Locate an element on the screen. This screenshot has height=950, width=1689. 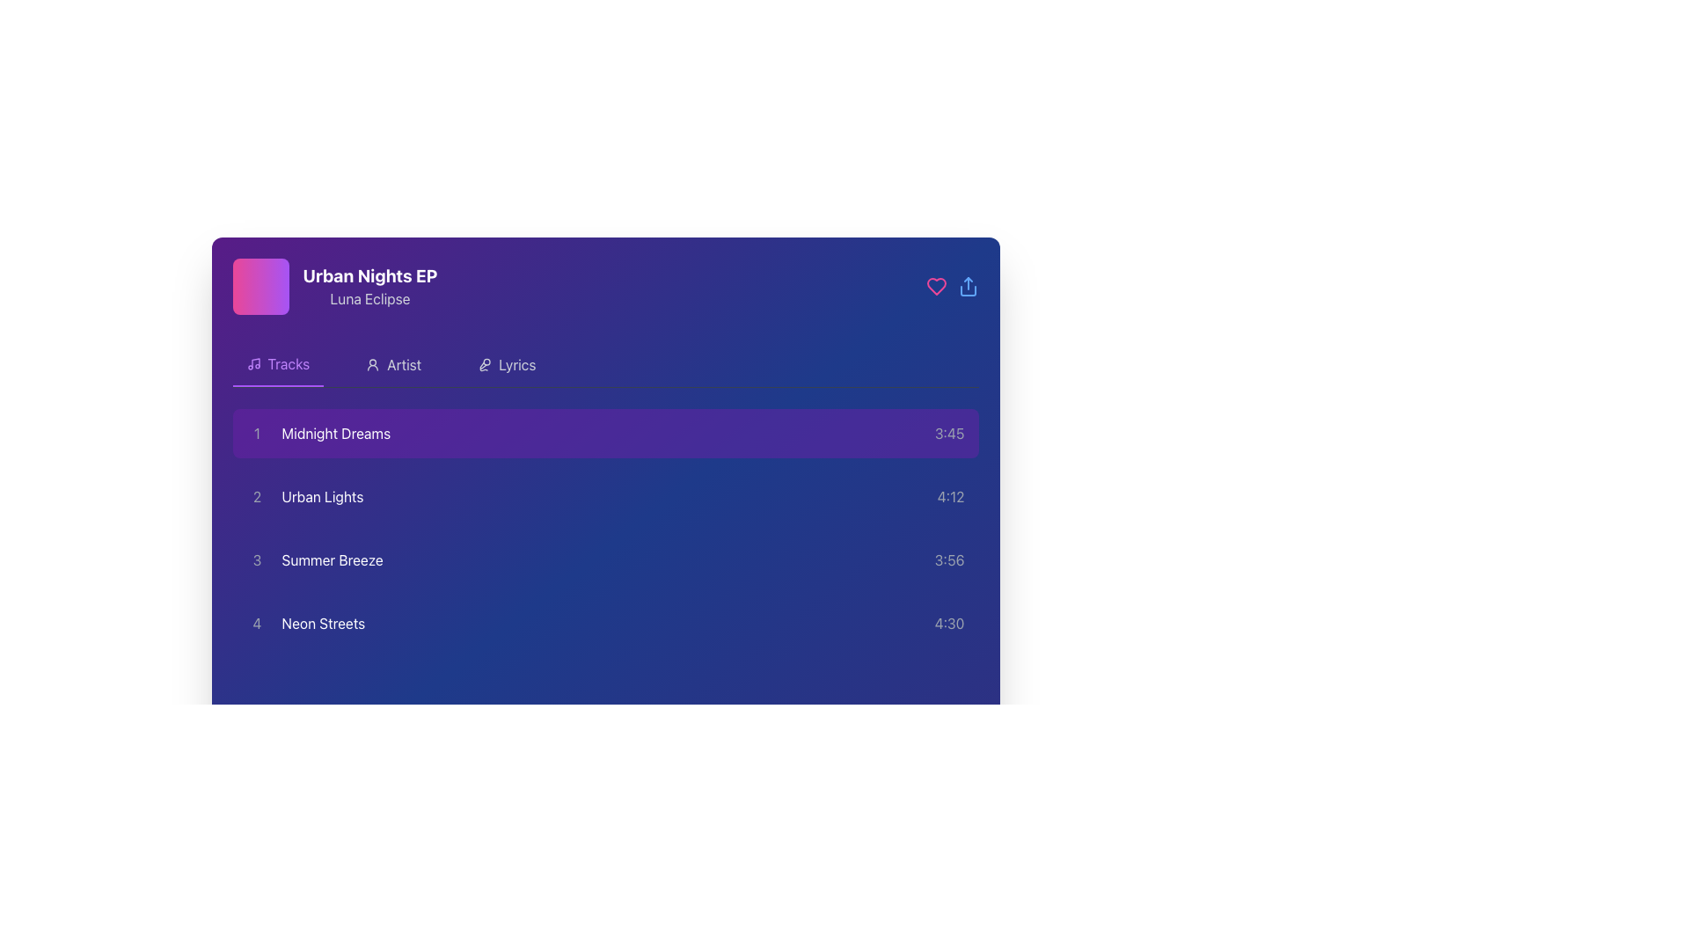
displayed numeral '3' located in the list item layout, positioned to the left of 'Summer Breeze' is located at coordinates (256, 559).